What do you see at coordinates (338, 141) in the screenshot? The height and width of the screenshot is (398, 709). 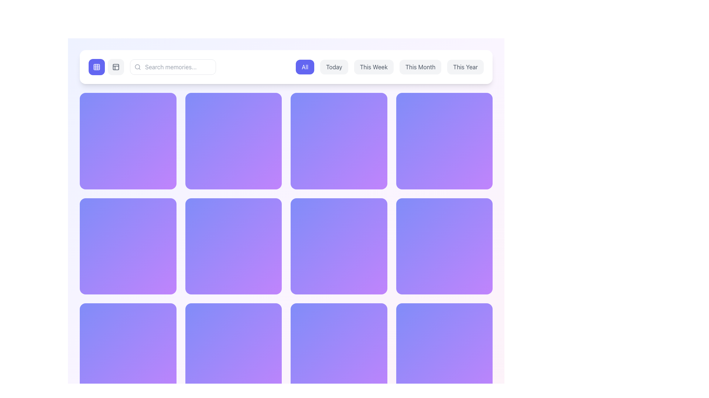 I see `the interactive card-style element with a gradient background transitioning from indigo to purple, located in the second column of the first row` at bounding box center [338, 141].